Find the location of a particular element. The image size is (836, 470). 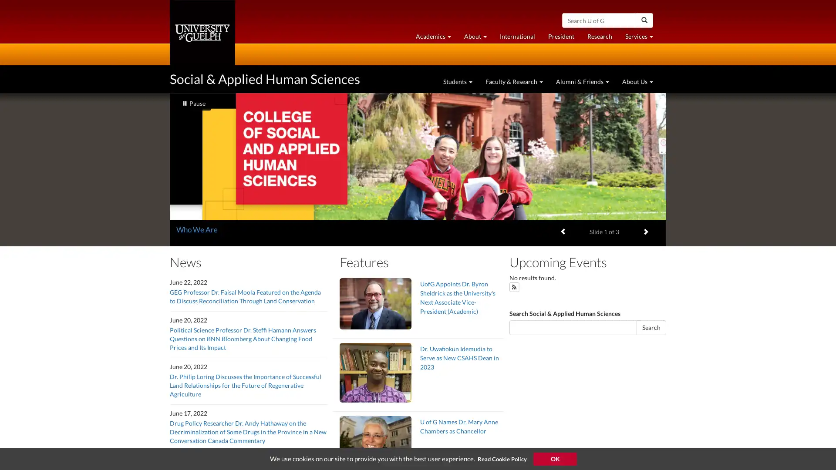

Services at University of Guelph is located at coordinates (639, 36).